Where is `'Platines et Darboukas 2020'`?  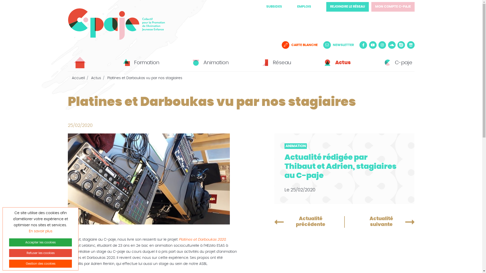
'Platines et Darboukas 2020' is located at coordinates (178, 239).